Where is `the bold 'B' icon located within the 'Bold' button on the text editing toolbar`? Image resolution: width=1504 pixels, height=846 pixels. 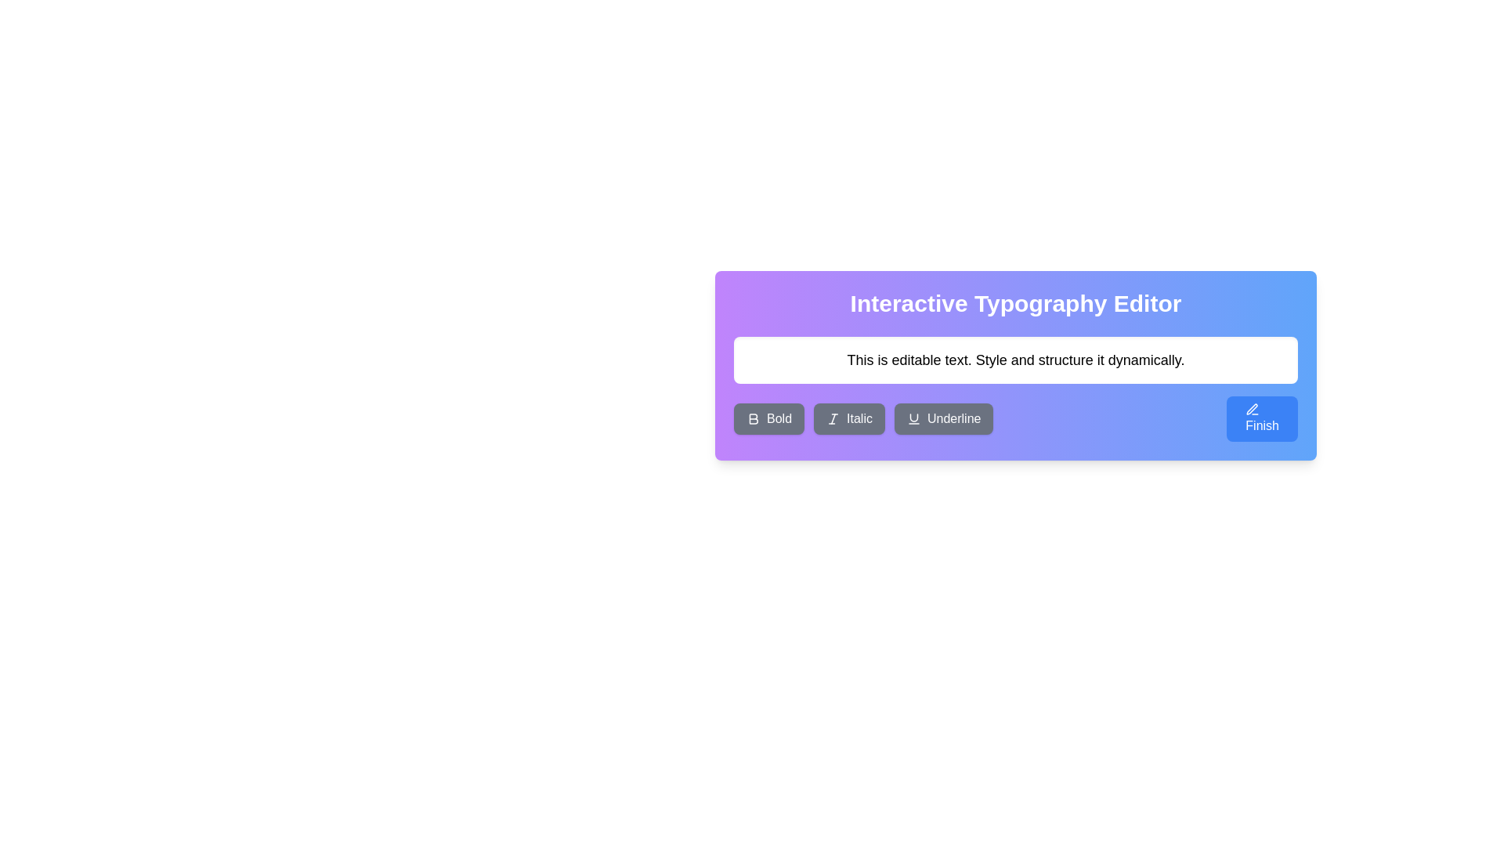 the bold 'B' icon located within the 'Bold' button on the text editing toolbar is located at coordinates (753, 418).